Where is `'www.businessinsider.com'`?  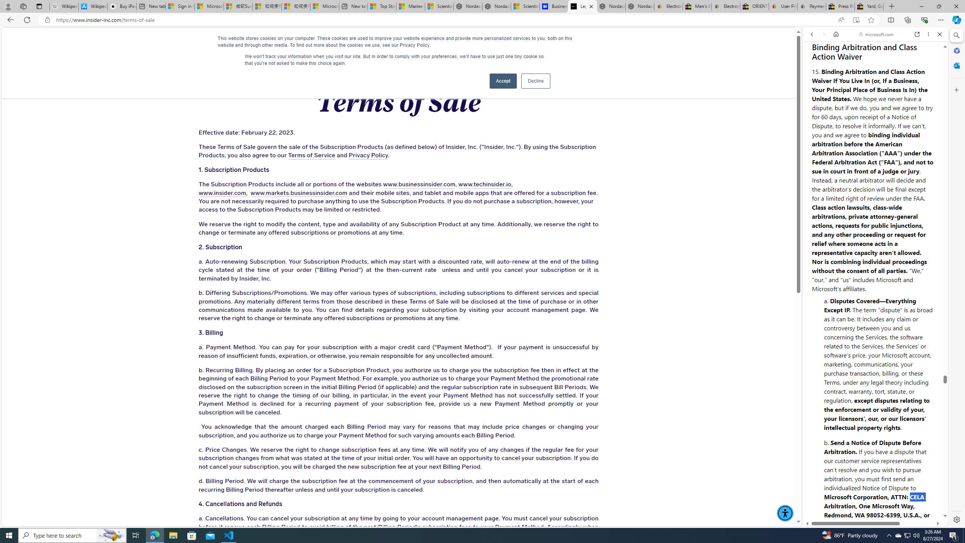
'www.businessinsider.com' is located at coordinates (419, 185).